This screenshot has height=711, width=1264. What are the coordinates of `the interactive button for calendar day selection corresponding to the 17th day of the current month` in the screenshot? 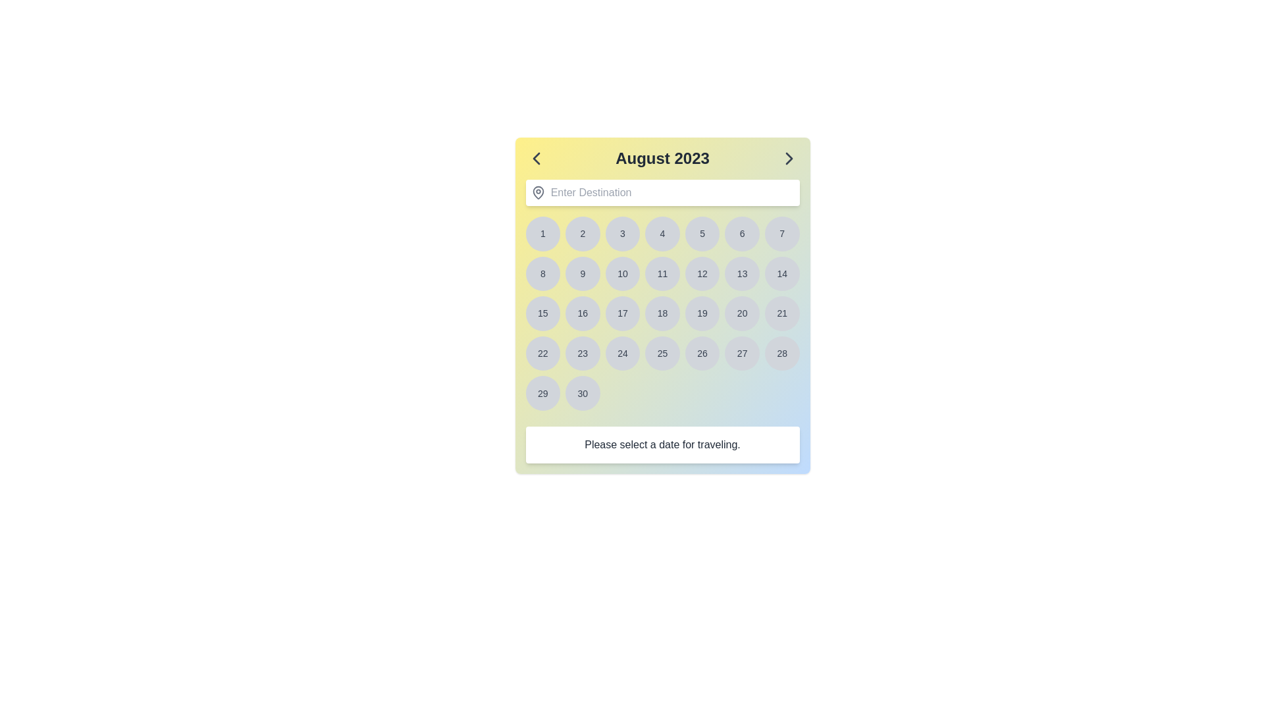 It's located at (621, 313).